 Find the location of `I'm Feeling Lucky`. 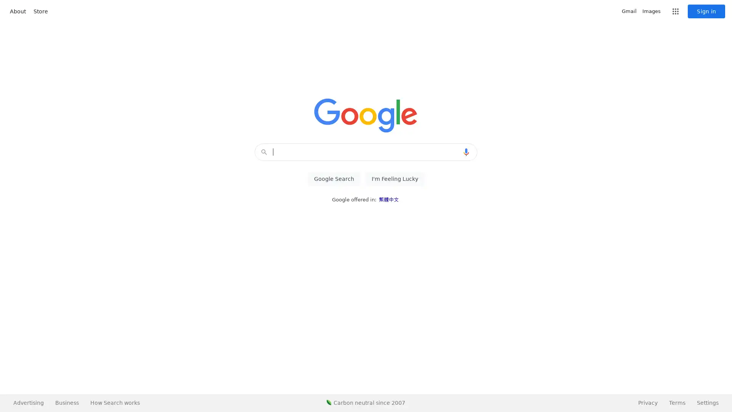

I'm Feeling Lucky is located at coordinates (395, 179).